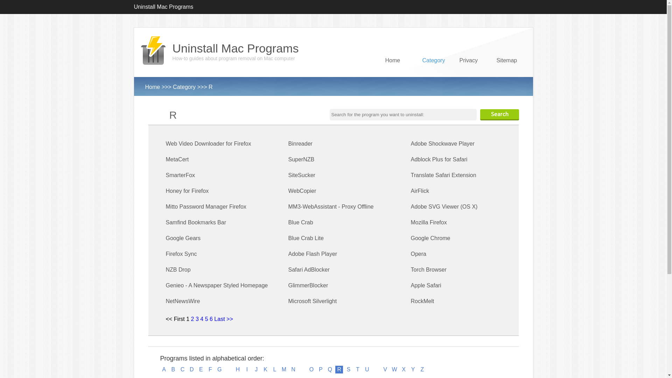  What do you see at coordinates (420, 191) in the screenshot?
I see `'AirFlick'` at bounding box center [420, 191].